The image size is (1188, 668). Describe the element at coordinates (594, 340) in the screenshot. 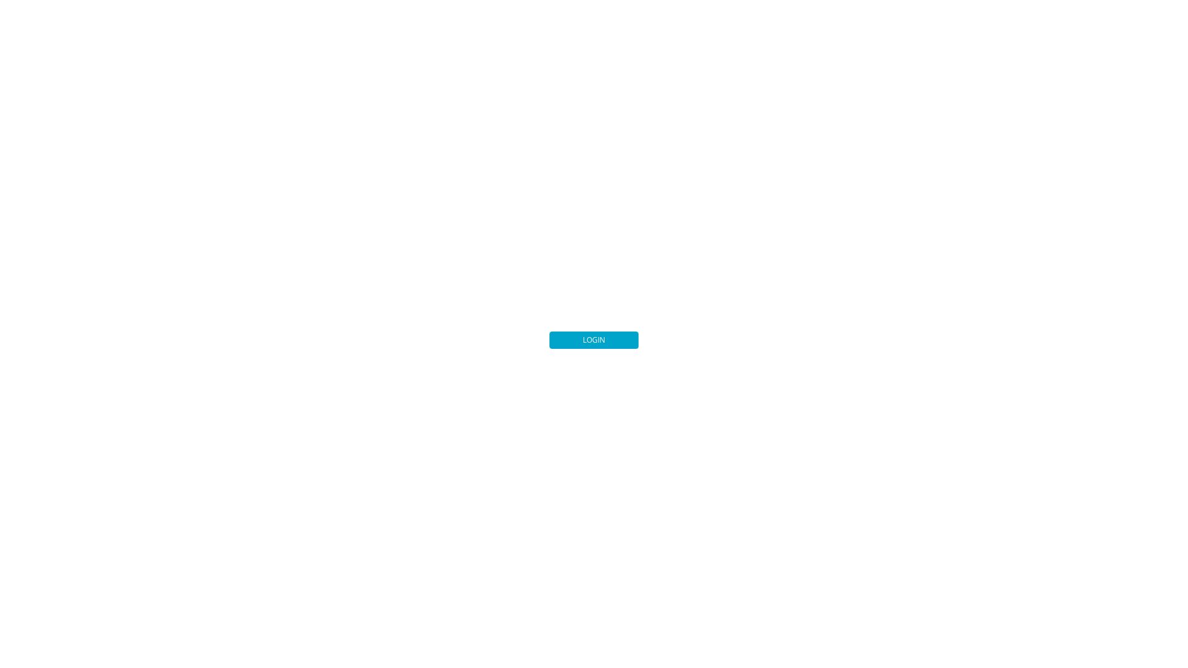

I see `'LOGIN'` at that location.